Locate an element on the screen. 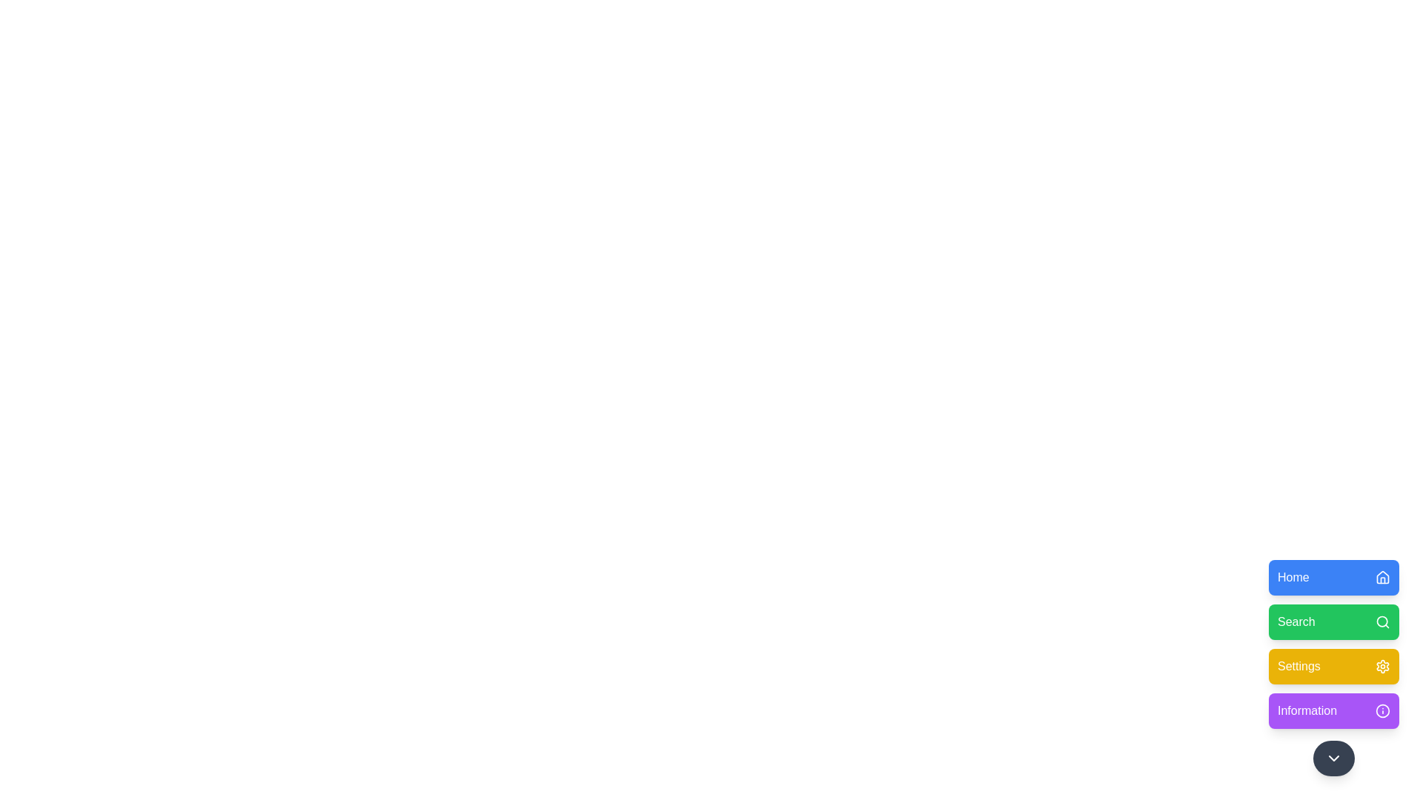  the menu option Search from the floating menu is located at coordinates (1334, 622).